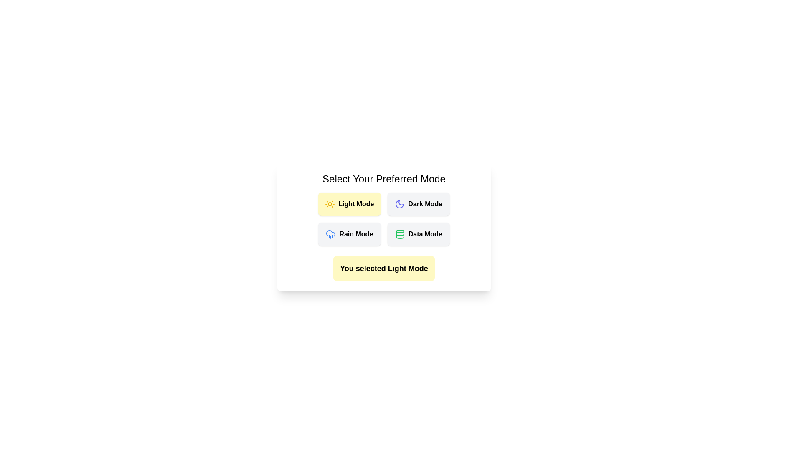  Describe the element at coordinates (383, 178) in the screenshot. I see `the text label or heading that serves as a guide for the selection of mode options, positioned above the grid of 'Light Mode', 'Dark Mode', 'Rain Mode', and 'Data Mode'` at that location.